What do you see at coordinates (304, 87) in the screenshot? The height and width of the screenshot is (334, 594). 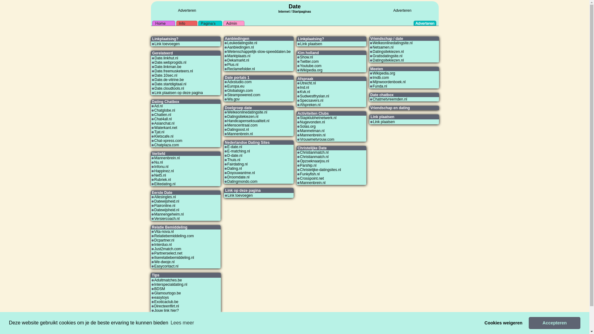 I see `'Ind.nl'` at bounding box center [304, 87].